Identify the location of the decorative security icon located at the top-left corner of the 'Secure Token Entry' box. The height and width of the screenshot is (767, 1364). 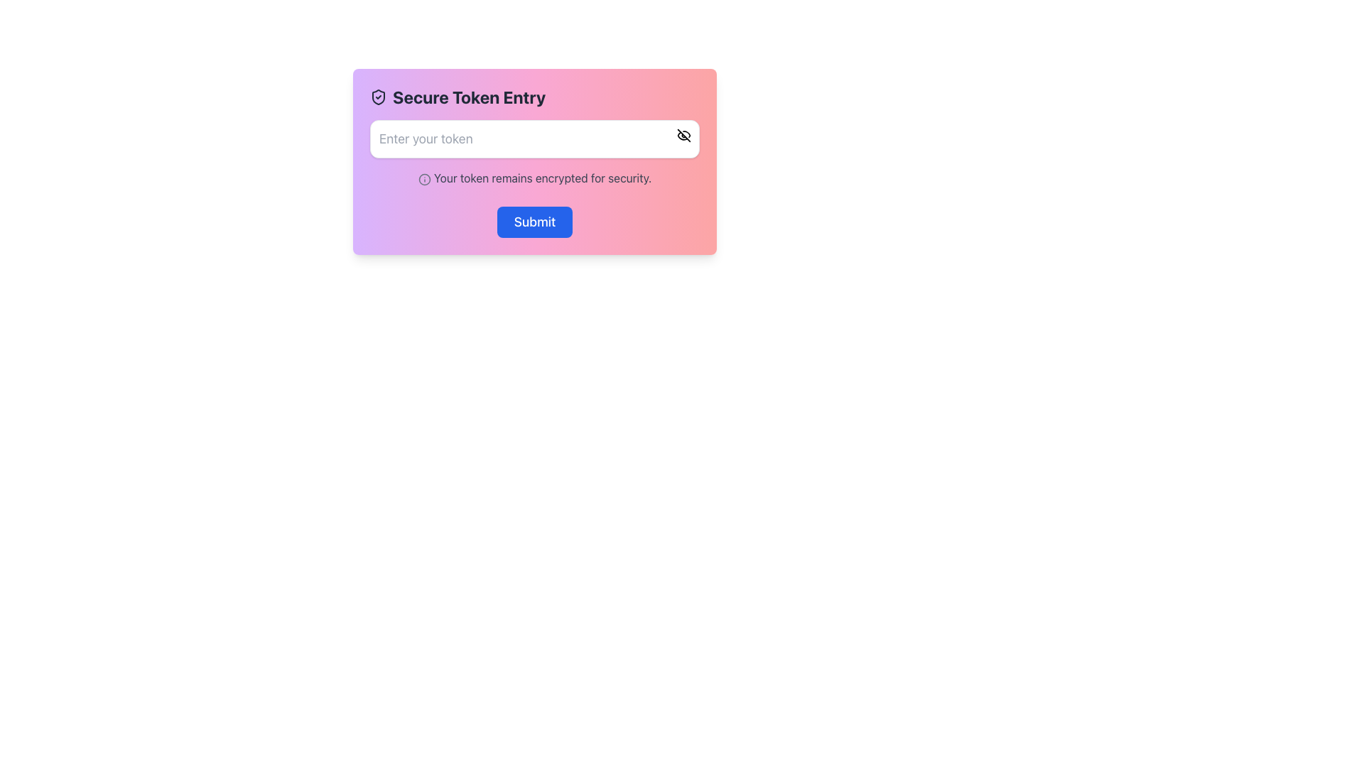
(378, 97).